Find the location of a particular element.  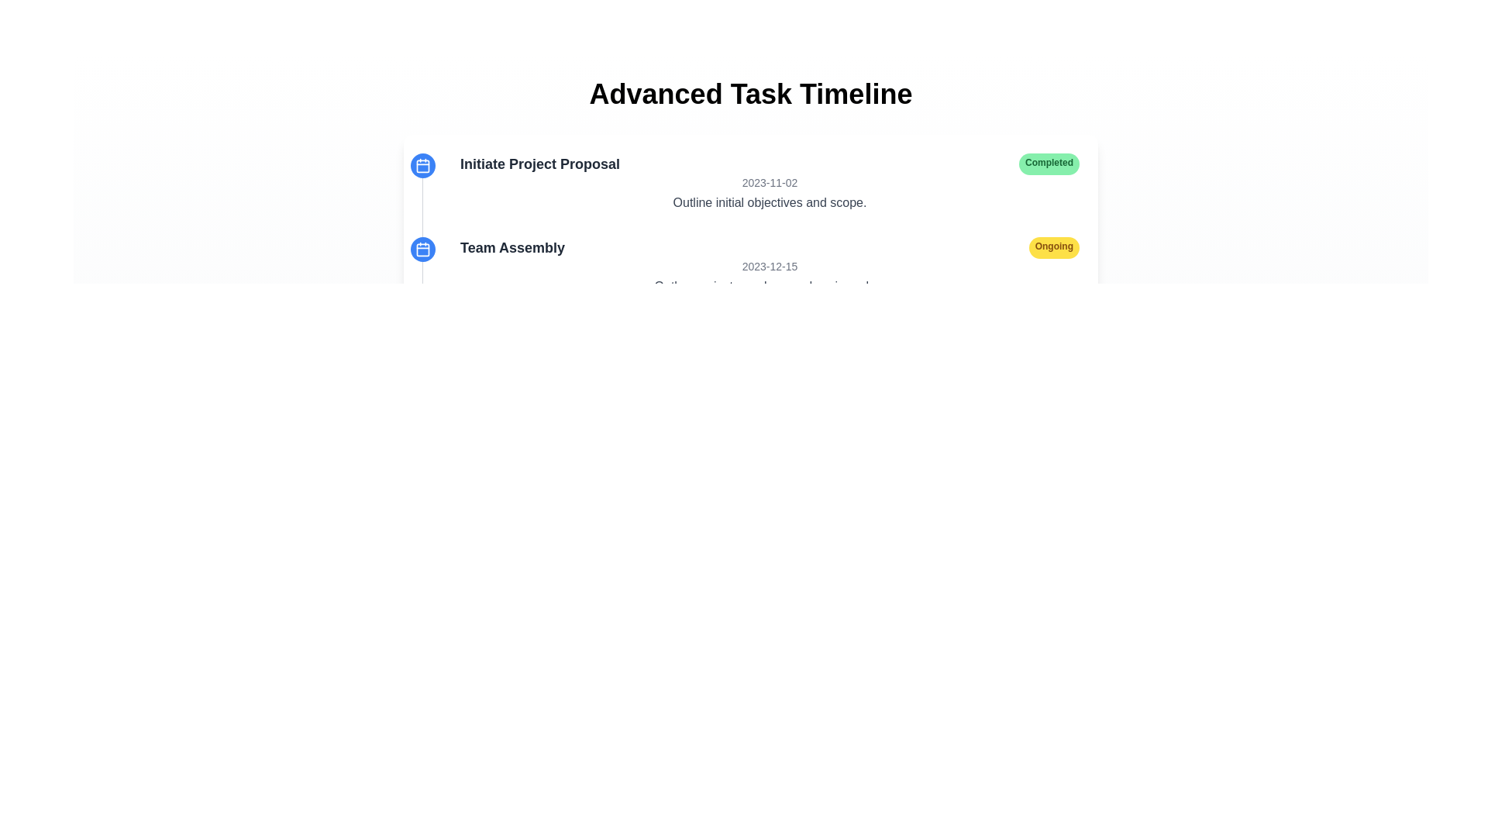

the first calendar icon with a blue circular background located to the left of the text 'Initiate Project Proposal' in the timeline interface is located at coordinates (423, 165).